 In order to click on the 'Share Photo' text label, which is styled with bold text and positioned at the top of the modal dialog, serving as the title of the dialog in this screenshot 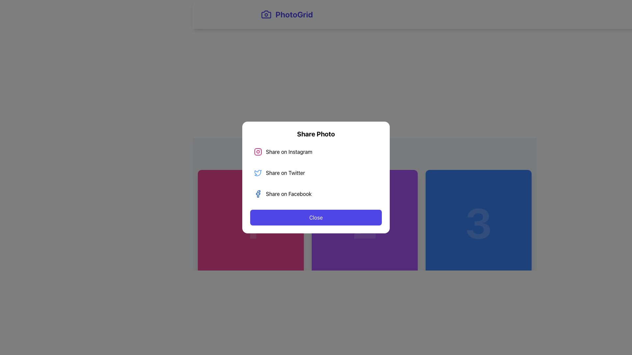, I will do `click(316, 134)`.